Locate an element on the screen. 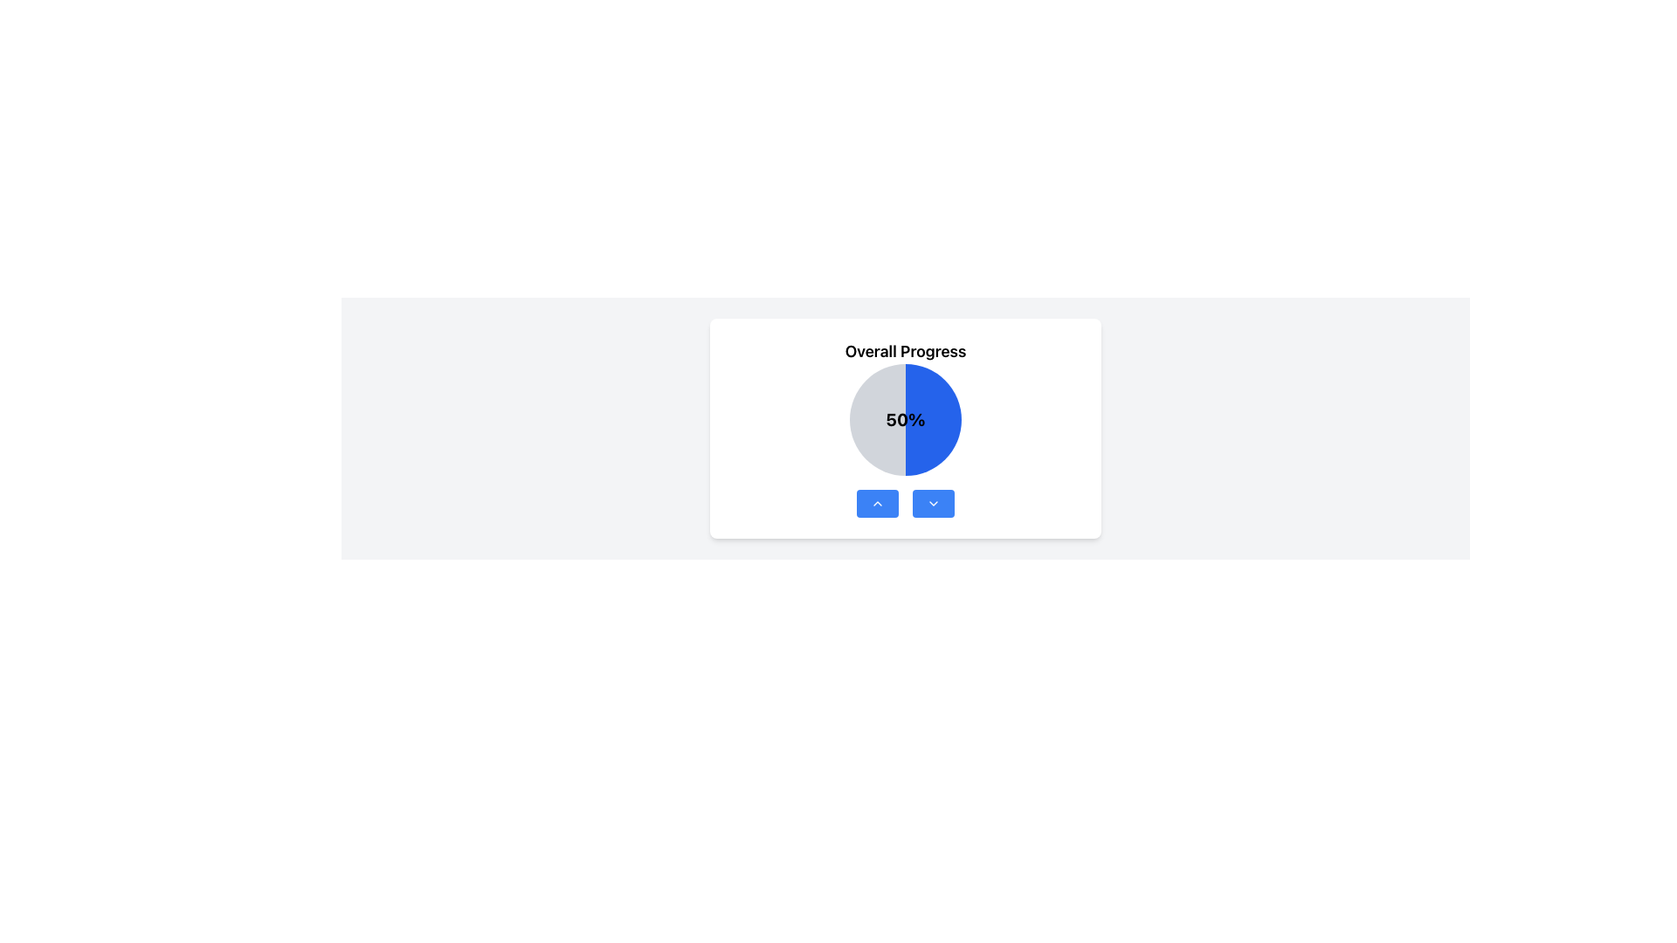 This screenshot has width=1677, height=943. the SVG Icon located in the left button below the progress chart is located at coordinates (877, 504).